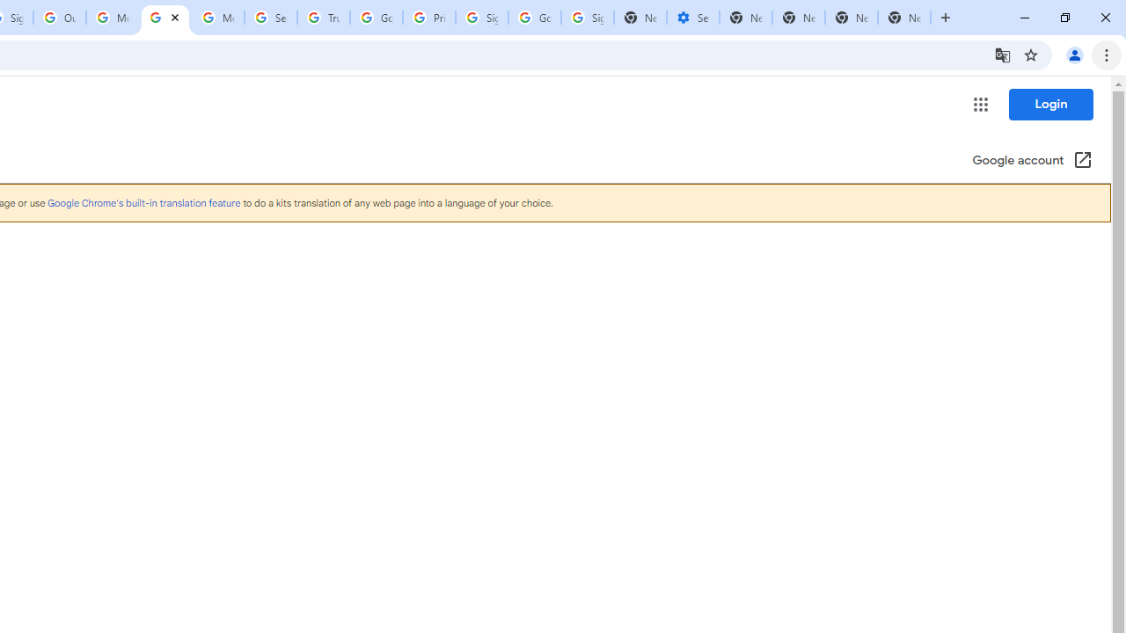  I want to click on 'Search our Doodle Library Collection - Google Doodles', so click(269, 18).